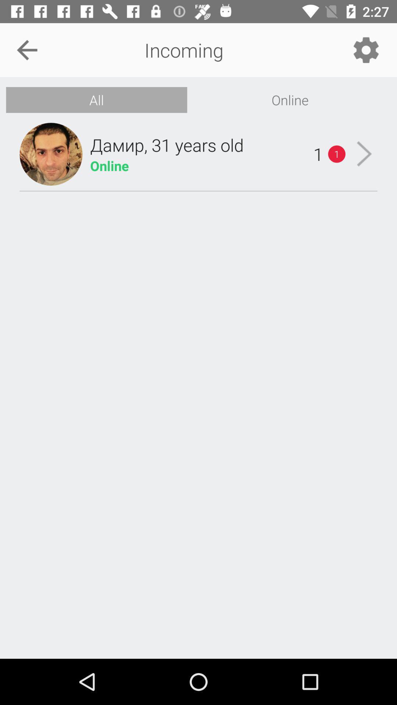  I want to click on the item above the all item, so click(26, 50).